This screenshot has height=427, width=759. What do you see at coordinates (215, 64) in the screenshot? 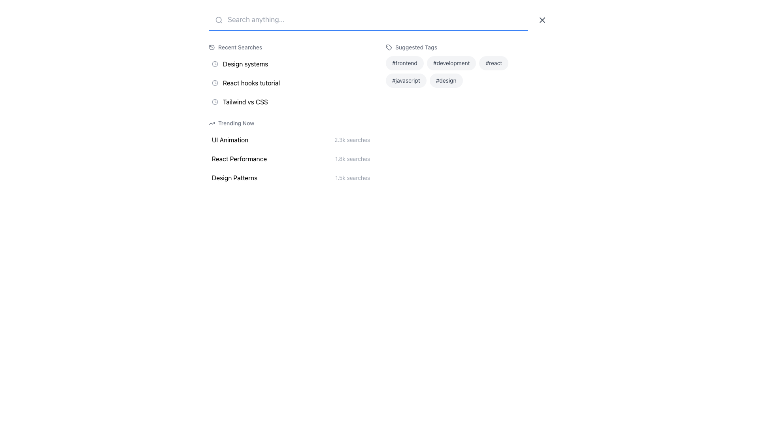
I see `the clock icon representing time, located to the left of the 'Design systems' text in the 'Recent Searches' area` at bounding box center [215, 64].